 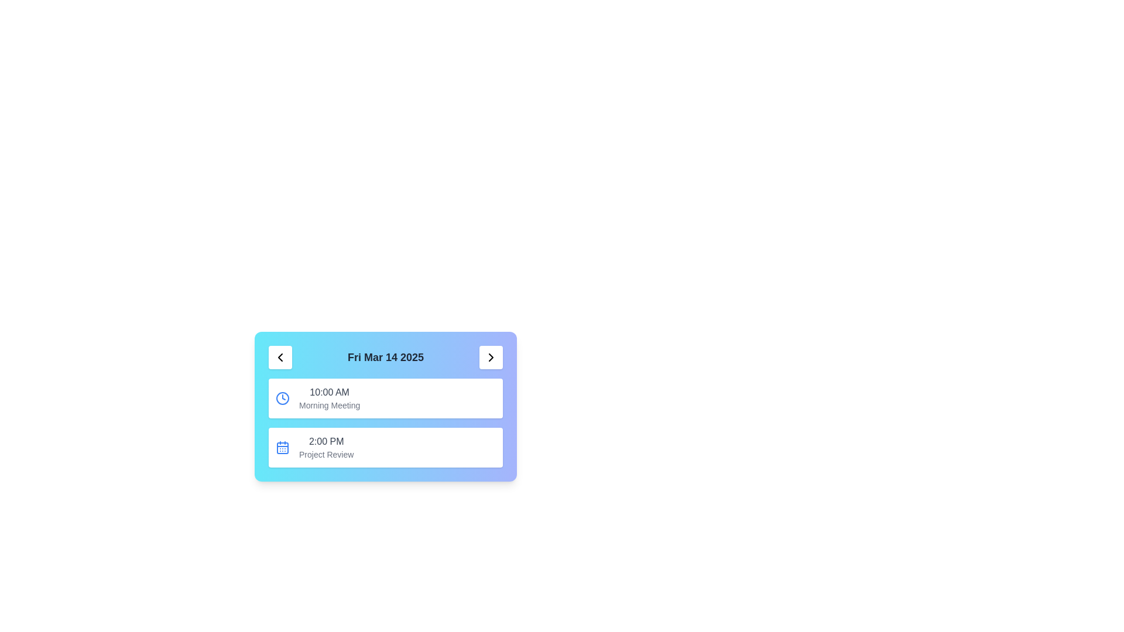 I want to click on the right arrow vector graphic element located in the top-right corner of the interface, so click(x=491, y=356).